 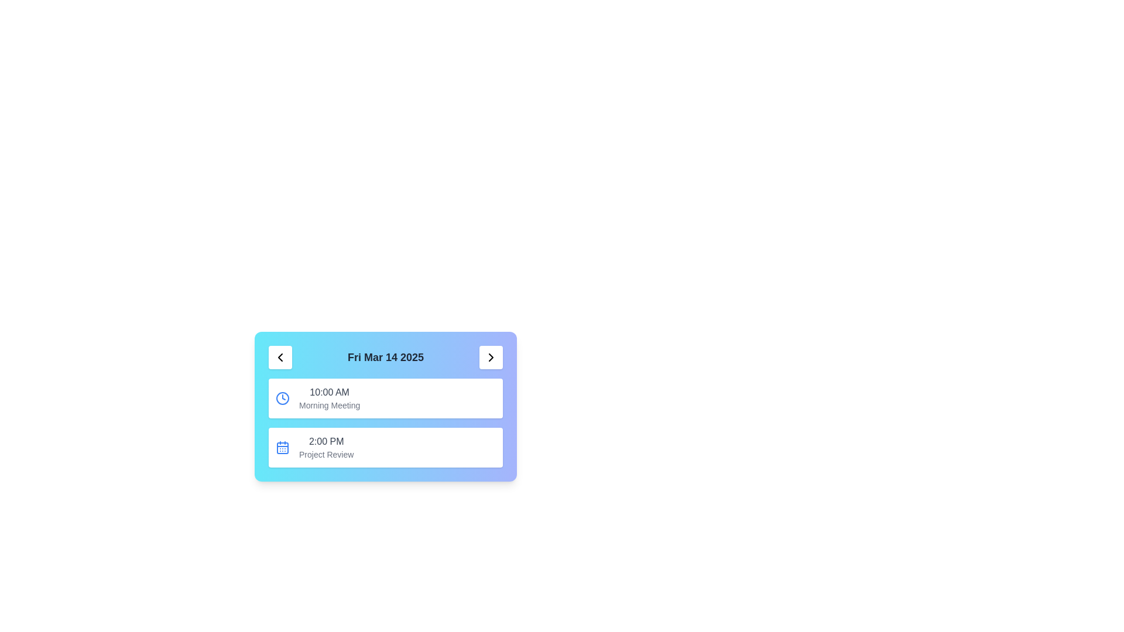 I want to click on the right arrow vector graphic element located in the top-right corner of the interface, so click(x=491, y=356).